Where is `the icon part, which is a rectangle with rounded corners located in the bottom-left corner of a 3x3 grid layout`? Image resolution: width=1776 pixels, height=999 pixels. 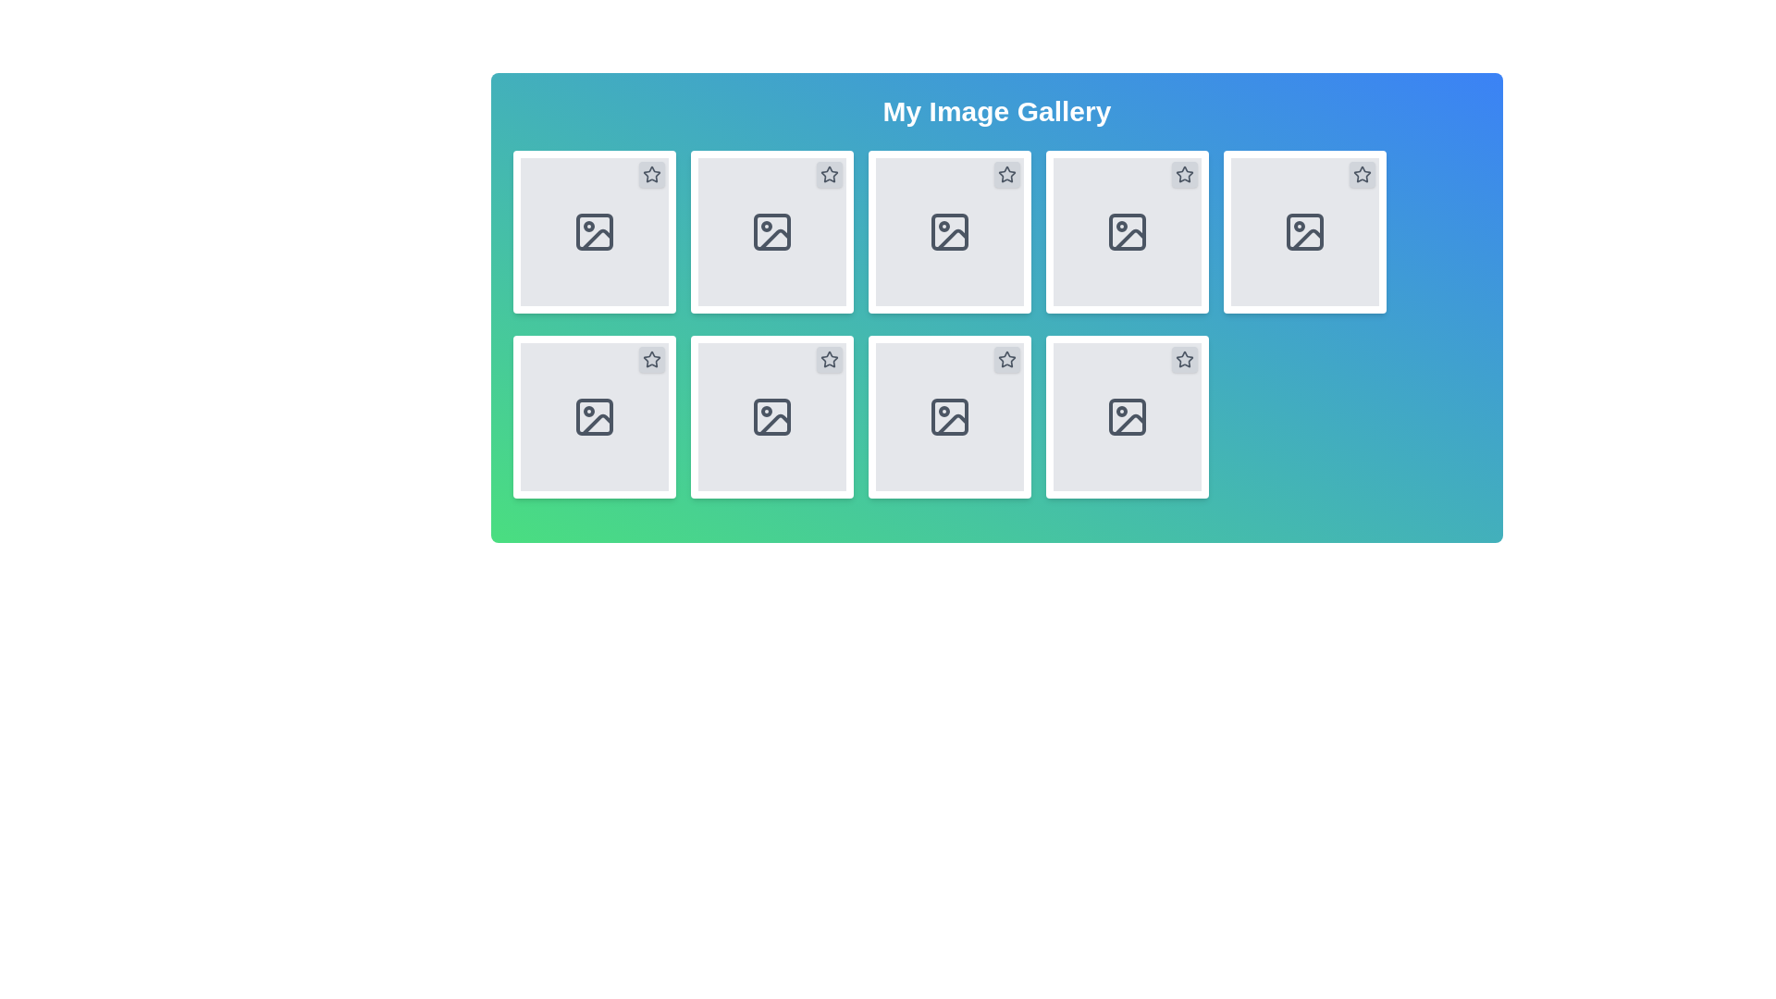
the icon part, which is a rectangle with rounded corners located in the bottom-left corner of a 3x3 grid layout is located at coordinates (595, 417).